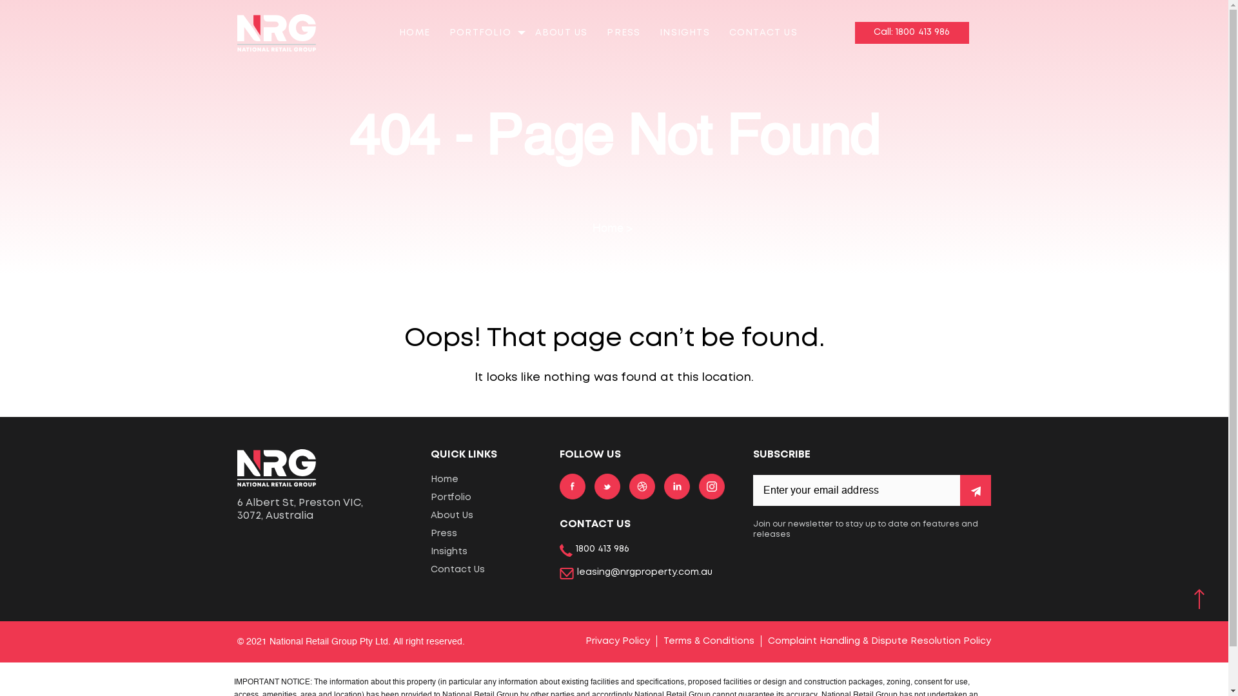 The width and height of the screenshot is (1238, 696). What do you see at coordinates (479, 32) in the screenshot?
I see `'PORTFOLIO'` at bounding box center [479, 32].